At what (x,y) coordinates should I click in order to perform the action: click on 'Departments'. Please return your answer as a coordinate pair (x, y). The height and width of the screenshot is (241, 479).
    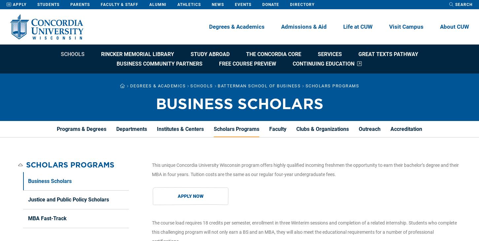
    Looking at the image, I should click on (131, 129).